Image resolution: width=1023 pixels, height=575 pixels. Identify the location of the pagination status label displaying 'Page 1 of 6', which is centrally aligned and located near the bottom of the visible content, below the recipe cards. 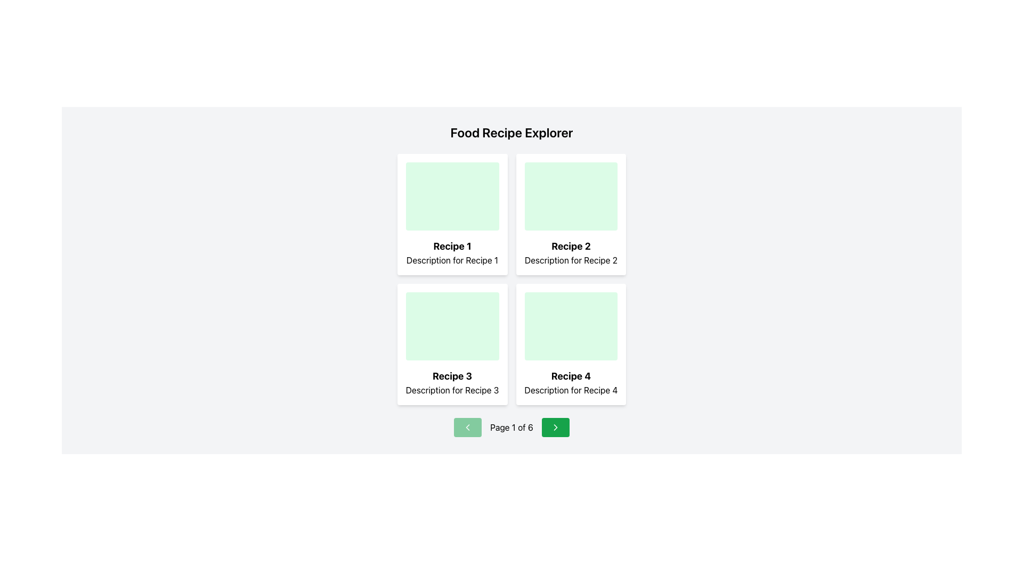
(511, 426).